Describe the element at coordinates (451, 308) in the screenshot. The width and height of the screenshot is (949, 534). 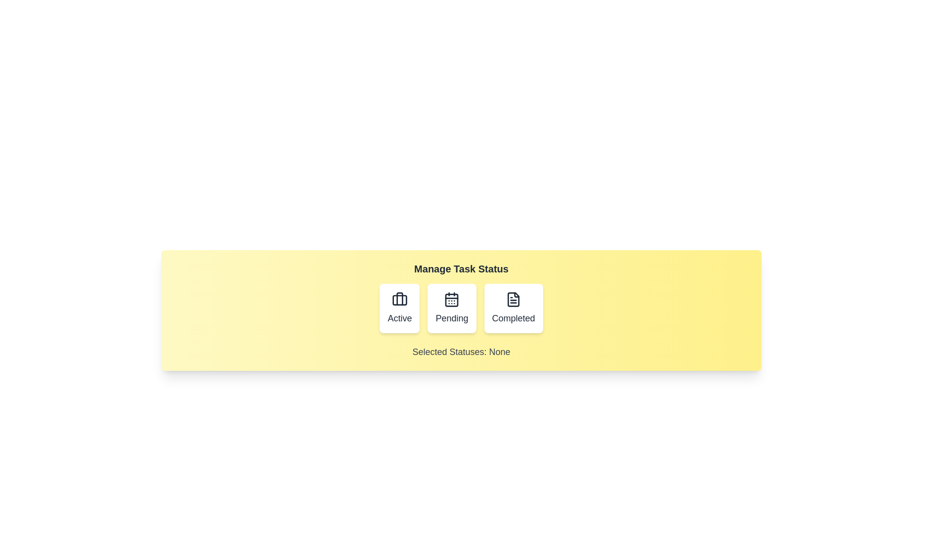
I see `the 'Pending' button to toggle its selection` at that location.